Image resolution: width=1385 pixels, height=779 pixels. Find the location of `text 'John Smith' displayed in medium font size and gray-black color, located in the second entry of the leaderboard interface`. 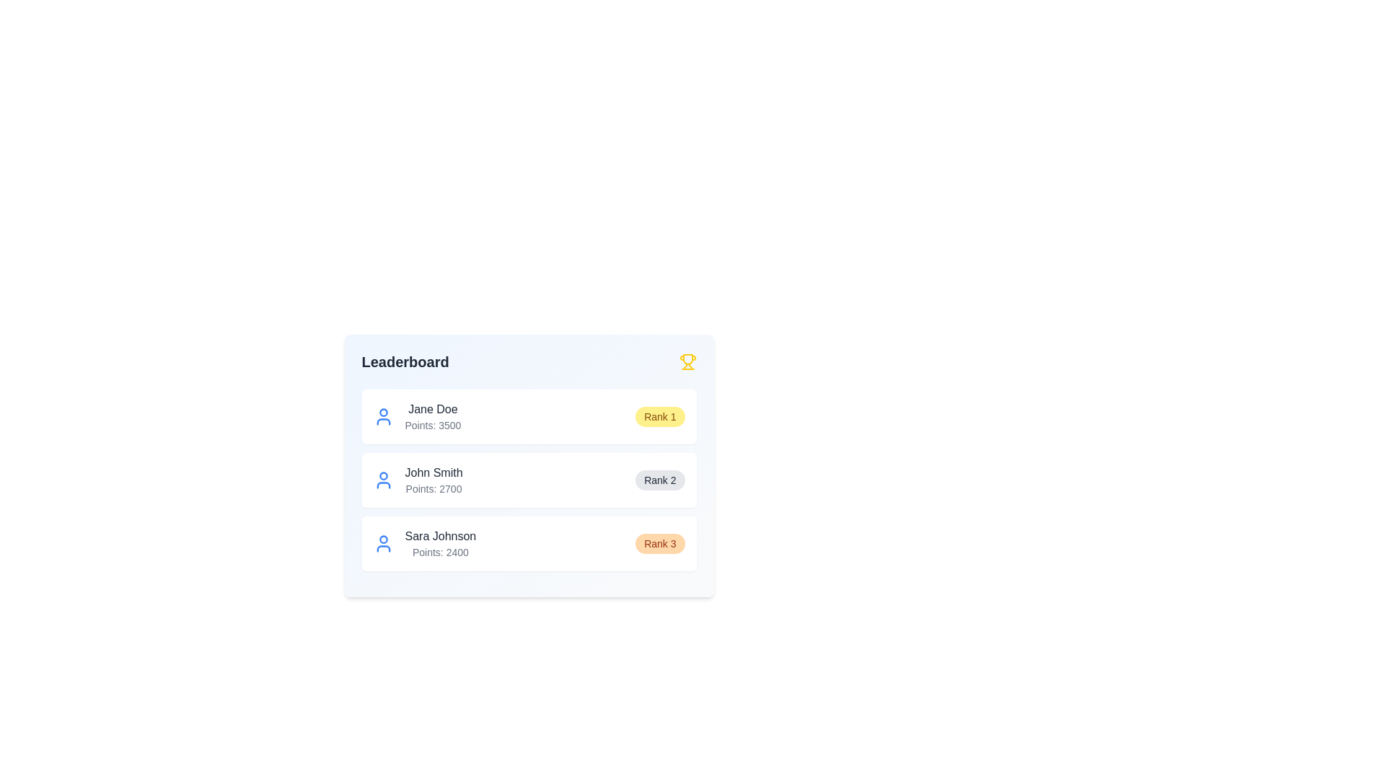

text 'John Smith' displayed in medium font size and gray-black color, located in the second entry of the leaderboard interface is located at coordinates (433, 472).